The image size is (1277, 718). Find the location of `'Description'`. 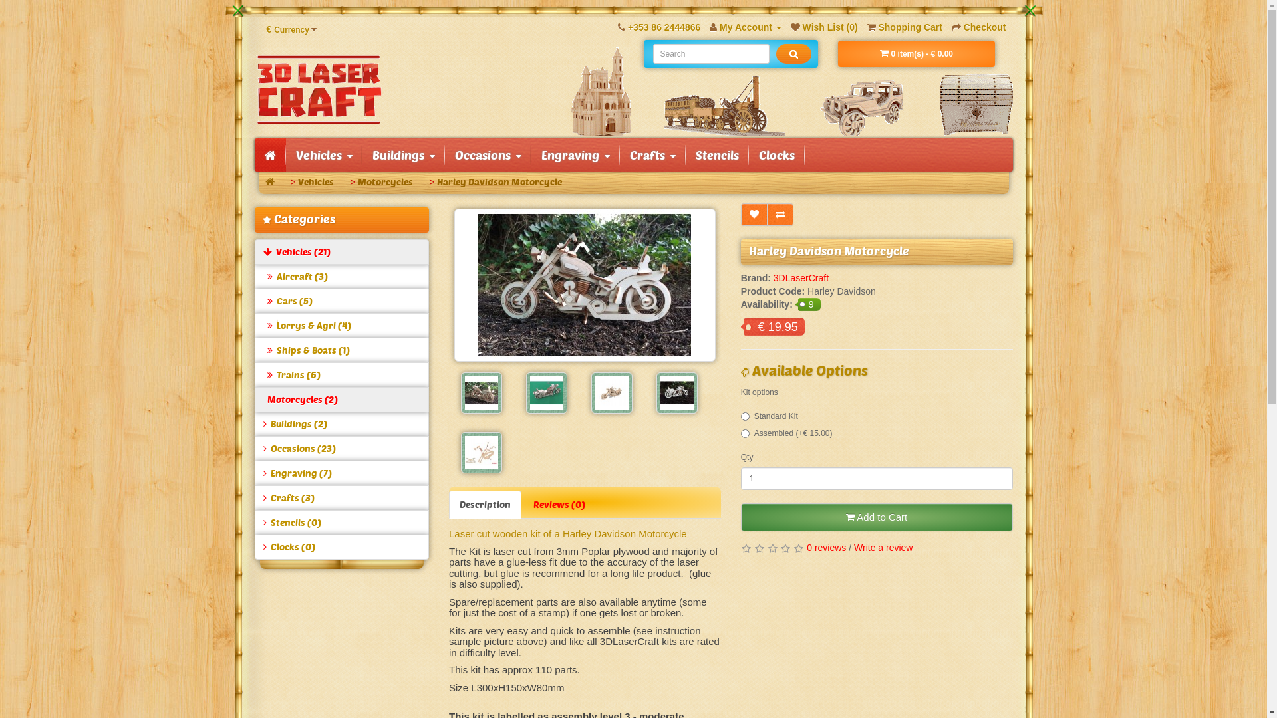

'Description' is located at coordinates (449, 505).